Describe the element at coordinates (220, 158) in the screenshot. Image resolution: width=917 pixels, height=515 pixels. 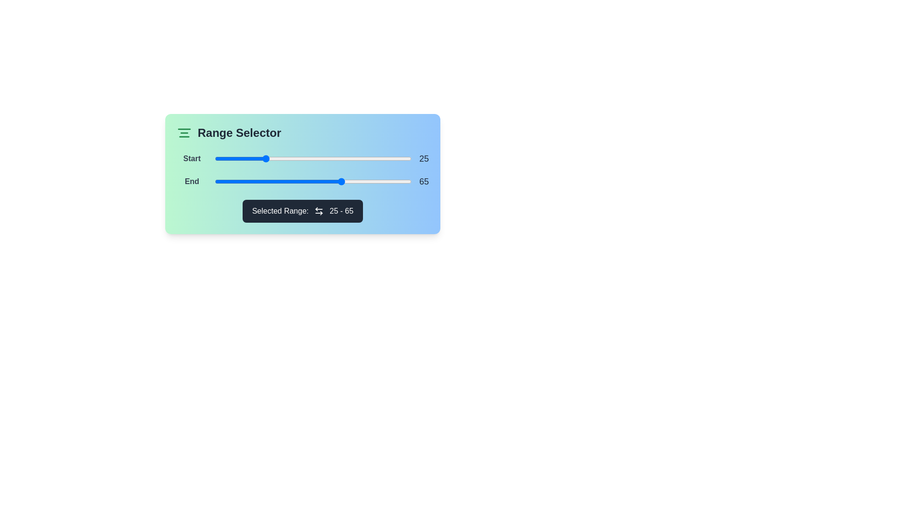
I see `the slider to set the range value to 3` at that location.